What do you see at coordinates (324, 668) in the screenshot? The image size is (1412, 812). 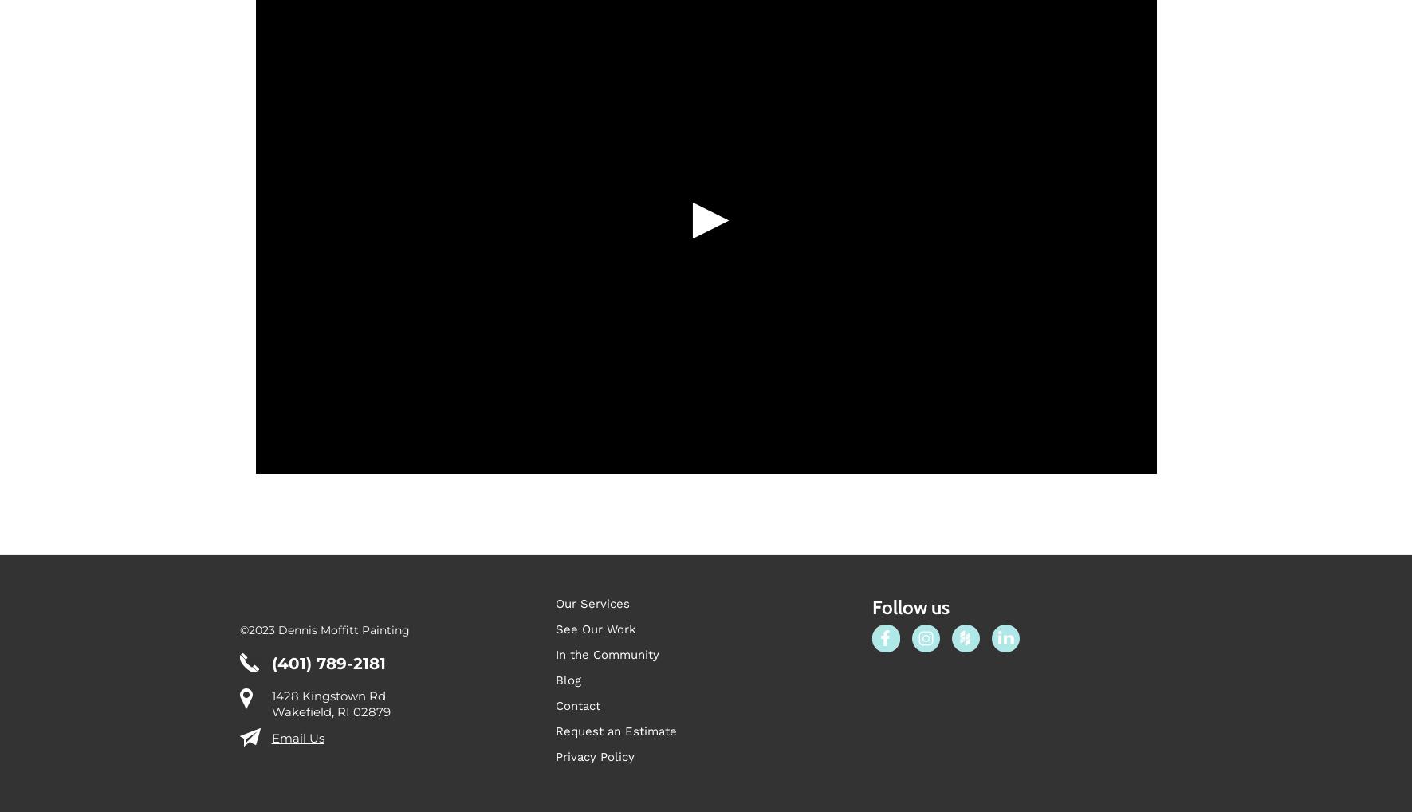 I see `'©2023 Dennis Moffitt Painting'` at bounding box center [324, 668].